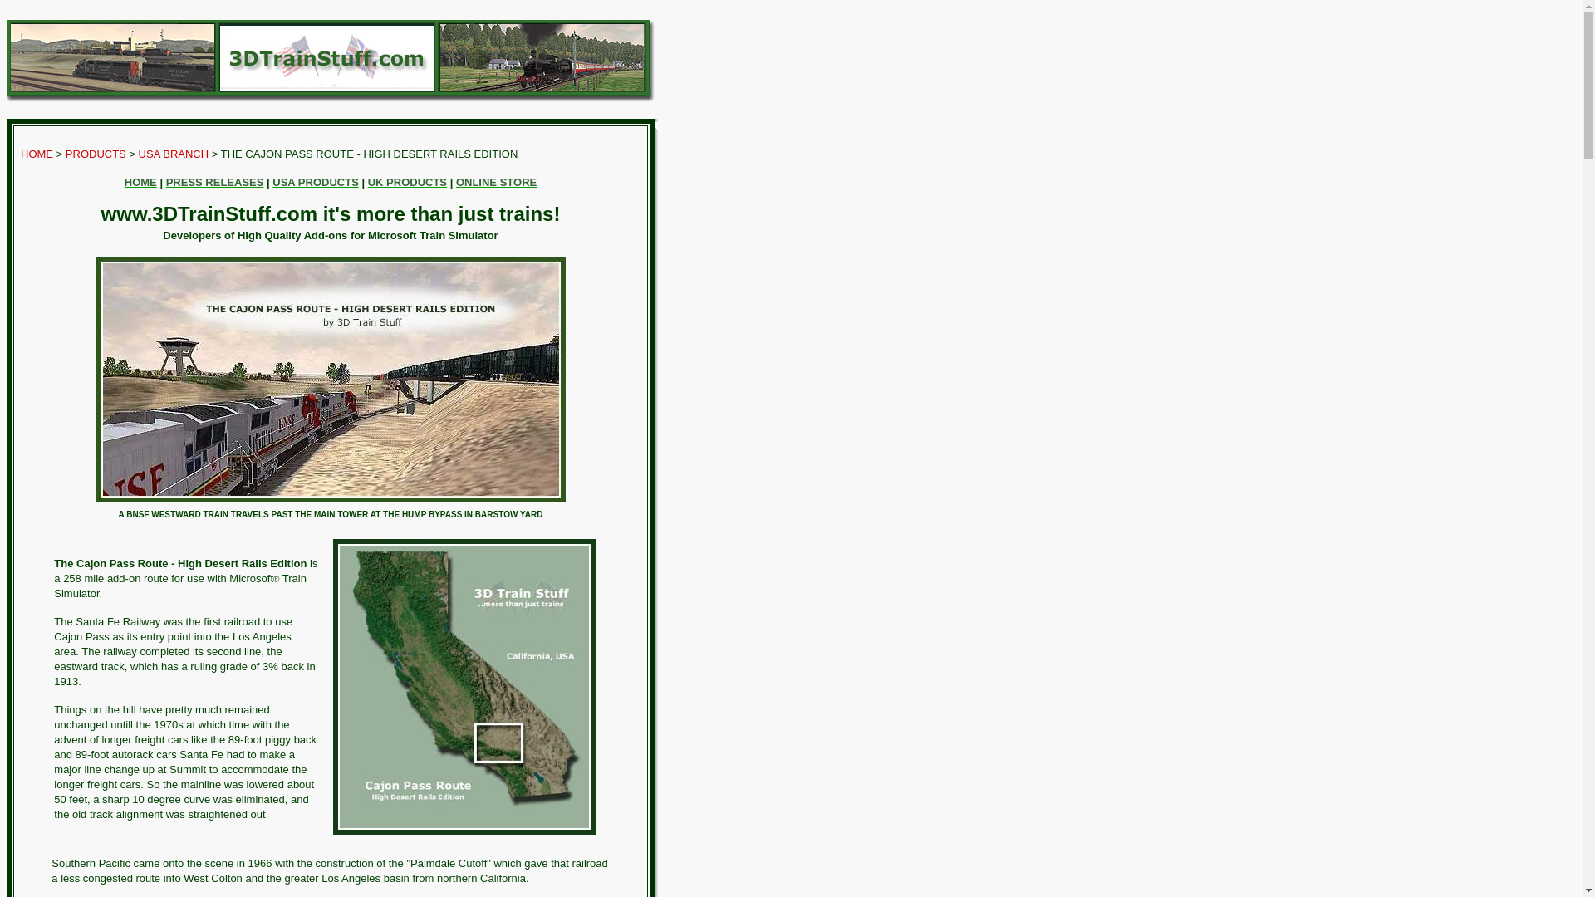  What do you see at coordinates (140, 182) in the screenshot?
I see `'HOME'` at bounding box center [140, 182].